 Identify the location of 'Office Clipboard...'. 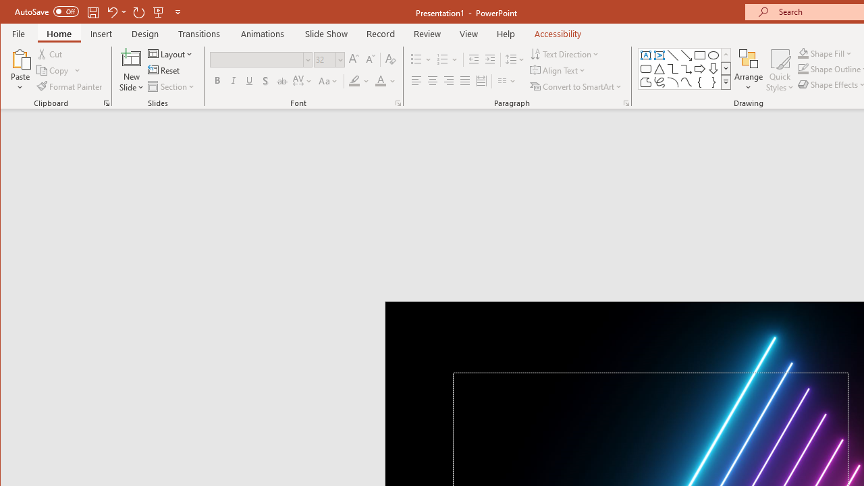
(106, 103).